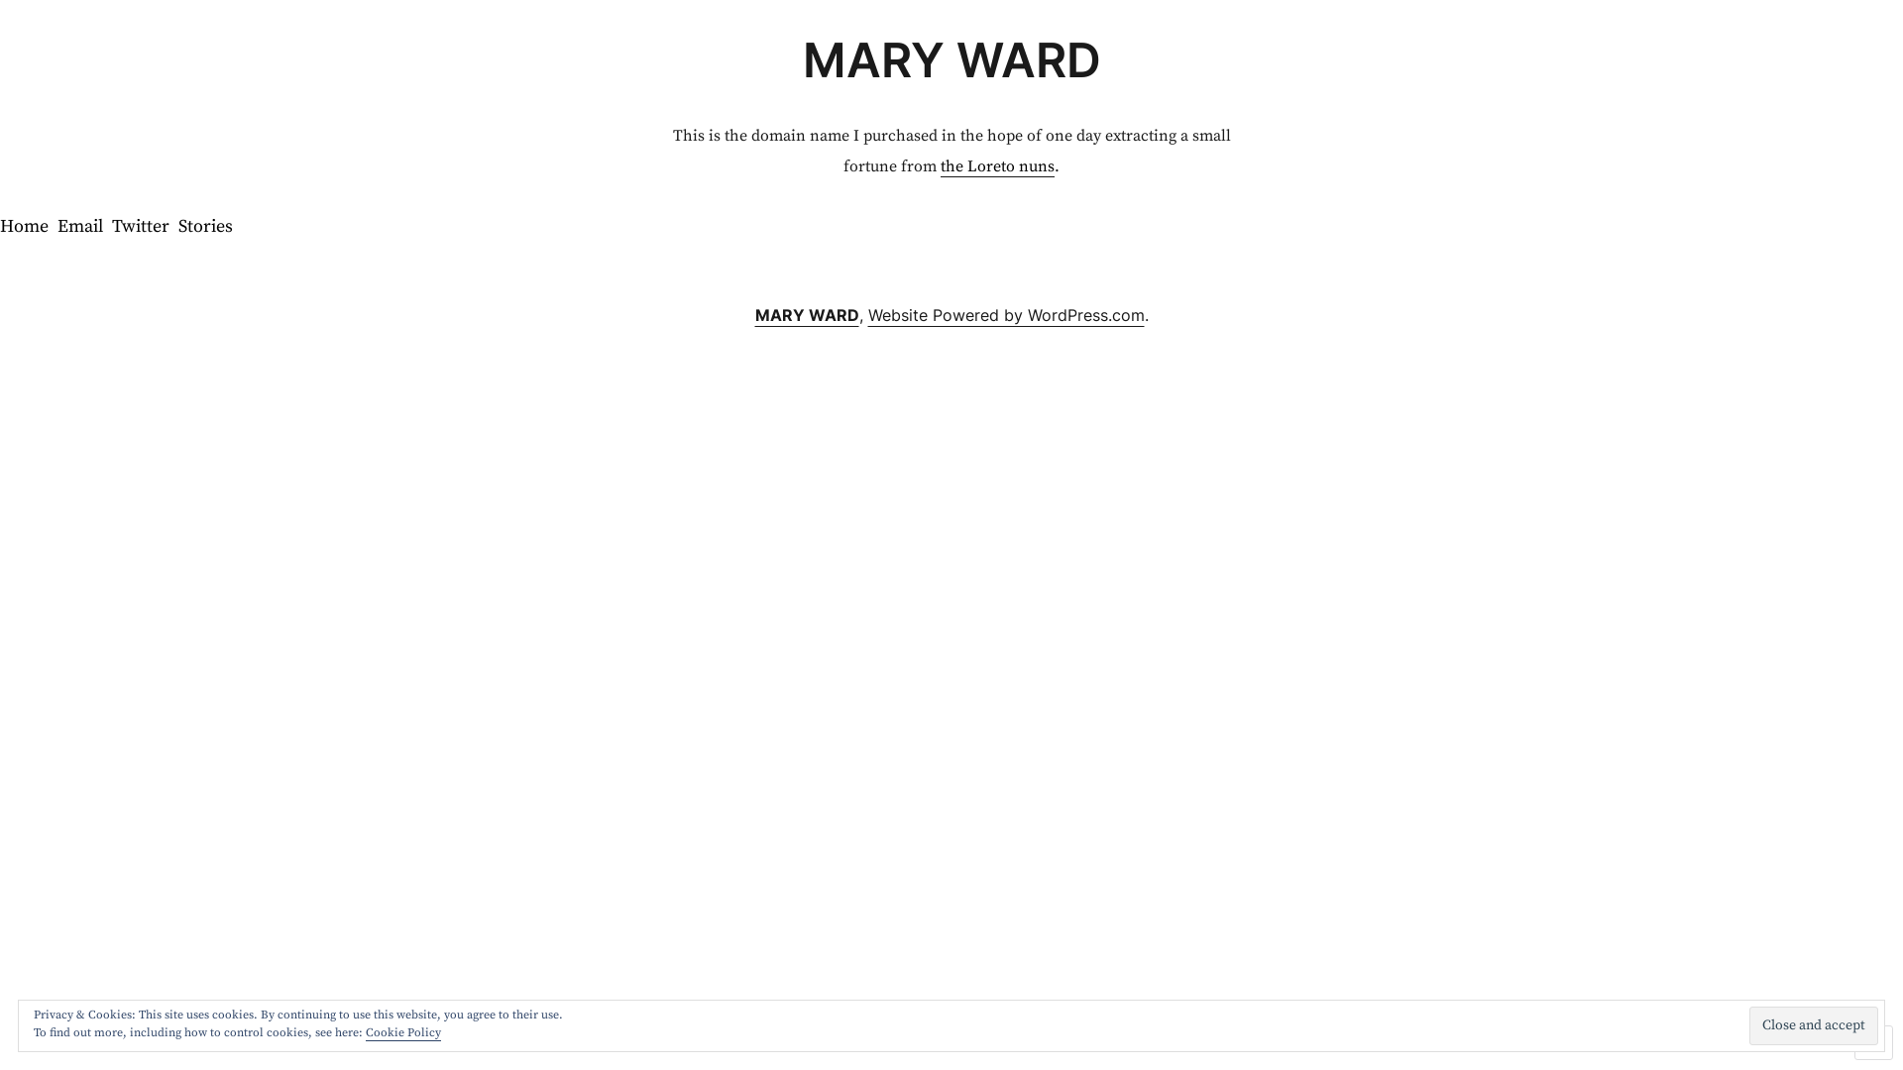 The image size is (1903, 1070). I want to click on 'Website Powered by WordPress.com', so click(1006, 313).